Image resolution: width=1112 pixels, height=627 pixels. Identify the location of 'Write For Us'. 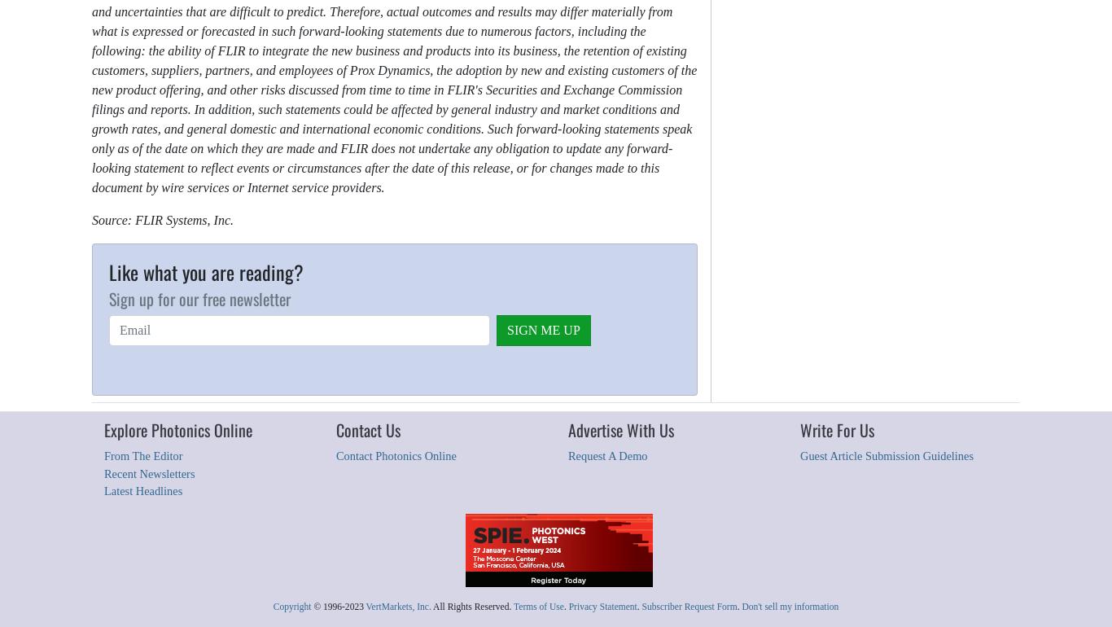
(836, 428).